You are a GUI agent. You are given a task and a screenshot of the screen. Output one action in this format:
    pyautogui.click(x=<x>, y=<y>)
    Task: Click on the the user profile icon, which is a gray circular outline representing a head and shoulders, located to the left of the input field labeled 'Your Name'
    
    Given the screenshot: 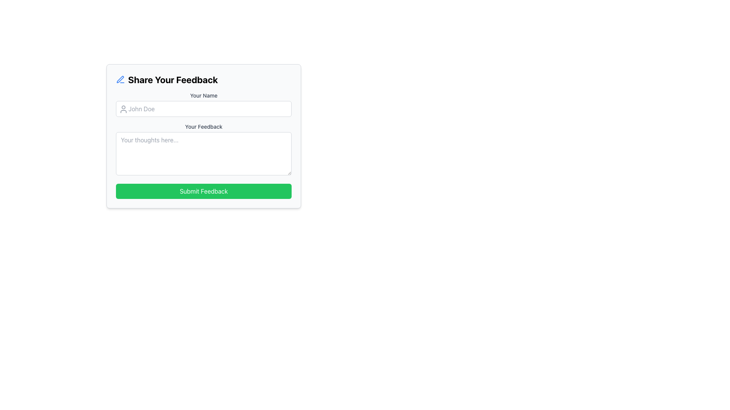 What is the action you would take?
    pyautogui.click(x=124, y=109)
    